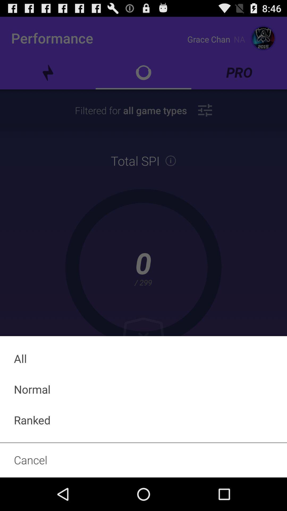  I want to click on cancel icon, so click(143, 460).